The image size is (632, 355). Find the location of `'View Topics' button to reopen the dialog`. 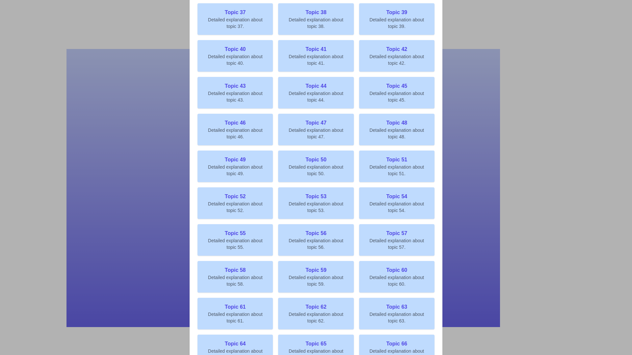

'View Topics' button to reopen the dialog is located at coordinates (316, 177).